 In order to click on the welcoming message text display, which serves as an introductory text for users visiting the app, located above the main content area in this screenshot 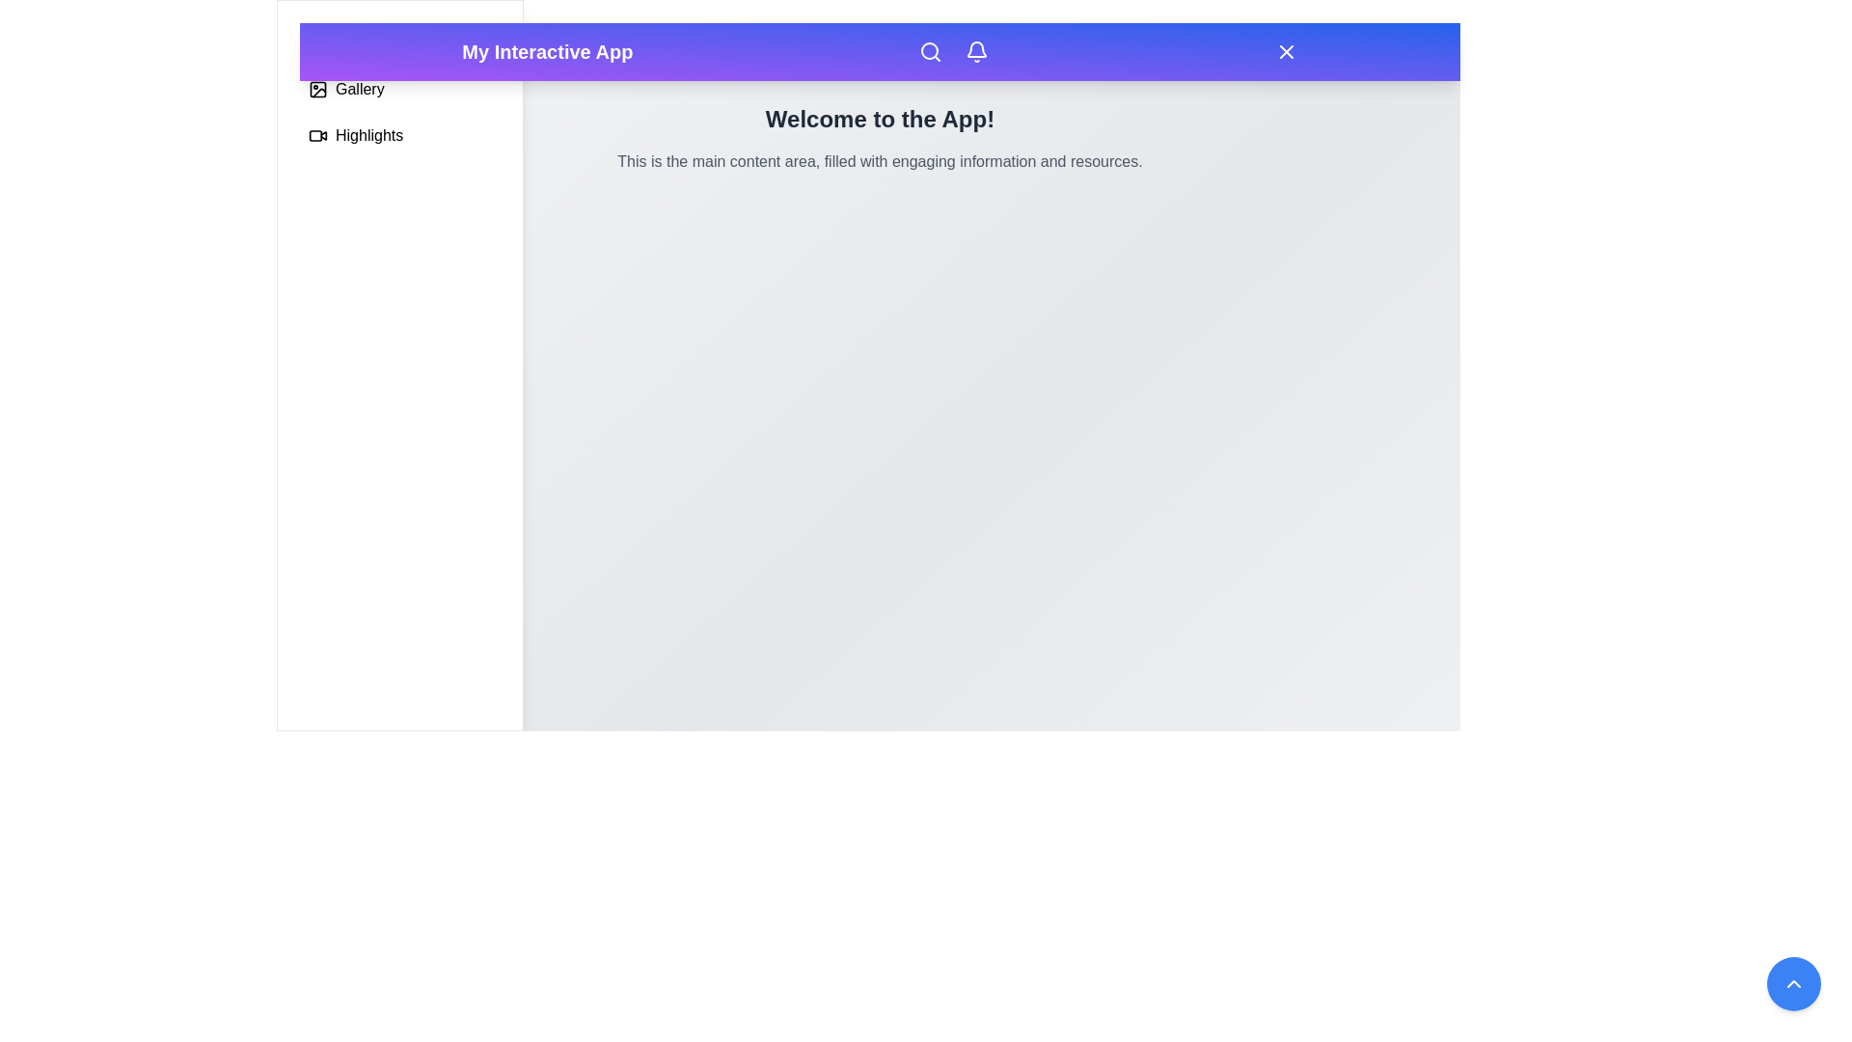, I will do `click(879, 119)`.